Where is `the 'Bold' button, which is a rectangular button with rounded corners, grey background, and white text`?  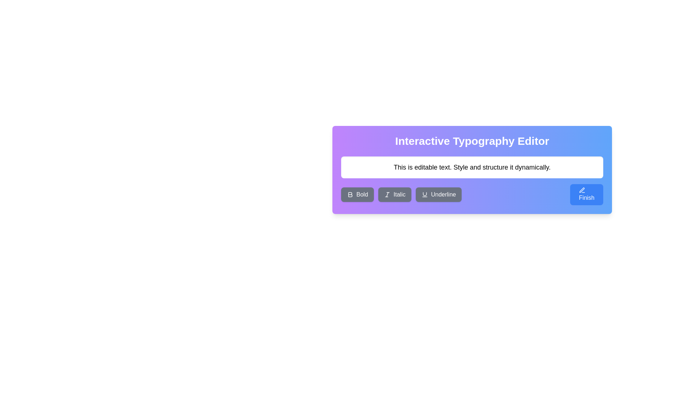
the 'Bold' button, which is a rectangular button with rounded corners, grey background, and white text is located at coordinates (358, 194).